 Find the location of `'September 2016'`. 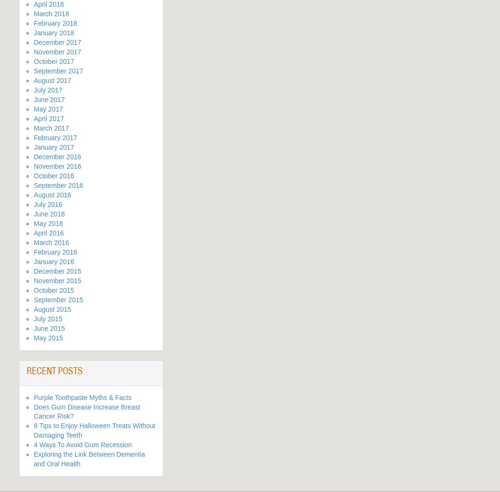

'September 2016' is located at coordinates (58, 184).